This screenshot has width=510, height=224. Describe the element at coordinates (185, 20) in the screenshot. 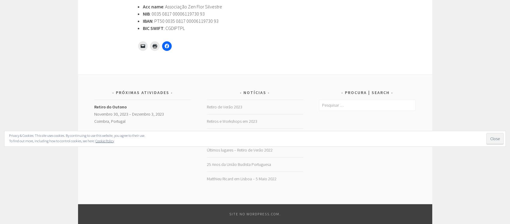

I see `': PT50 0035 0817 00006119730 93'` at that location.